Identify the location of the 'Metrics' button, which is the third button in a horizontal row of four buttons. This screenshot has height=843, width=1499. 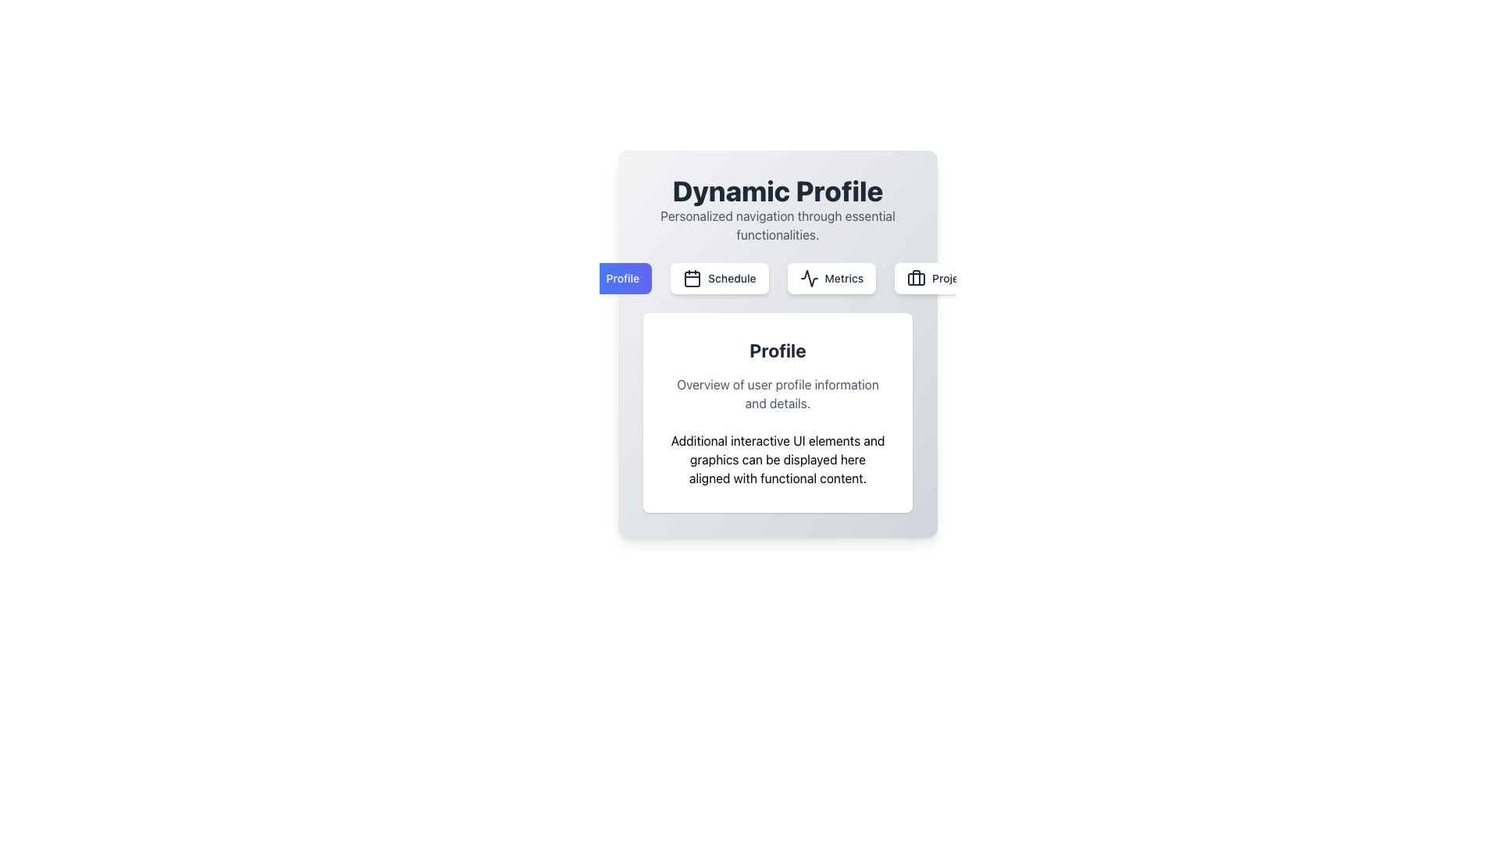
(831, 278).